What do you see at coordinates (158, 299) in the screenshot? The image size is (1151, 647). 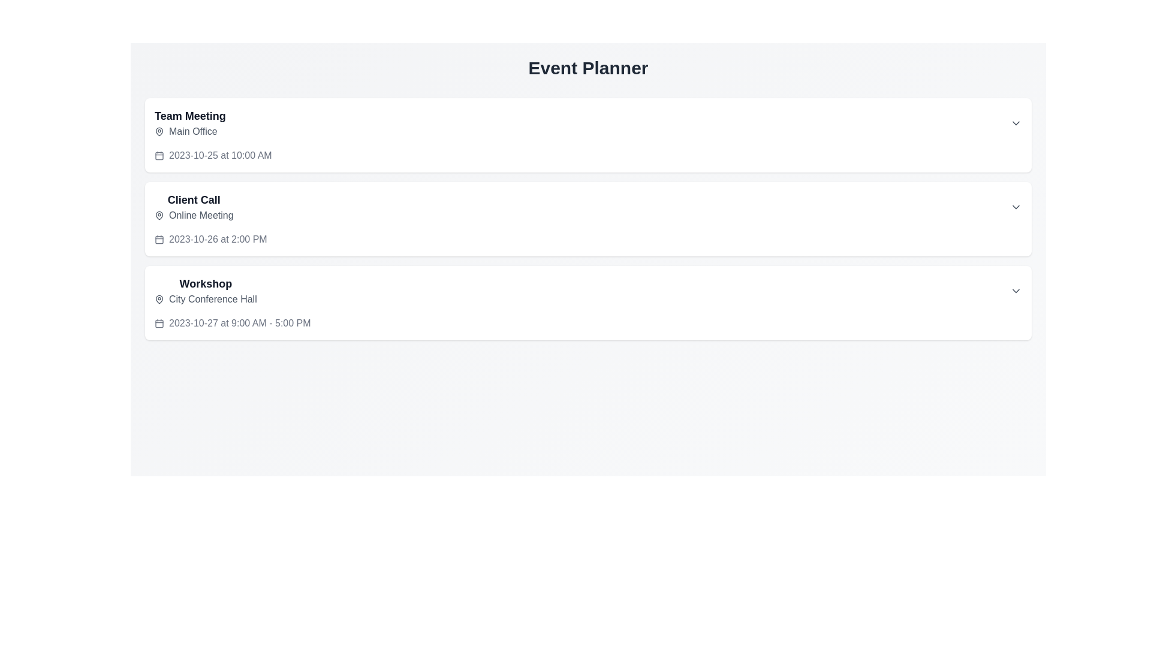 I see `the pin icon with a black outline that represents the location for the 'City Conference Hall' event, which is positioned to the left of the event text within the 'Workshop' card` at bounding box center [158, 299].